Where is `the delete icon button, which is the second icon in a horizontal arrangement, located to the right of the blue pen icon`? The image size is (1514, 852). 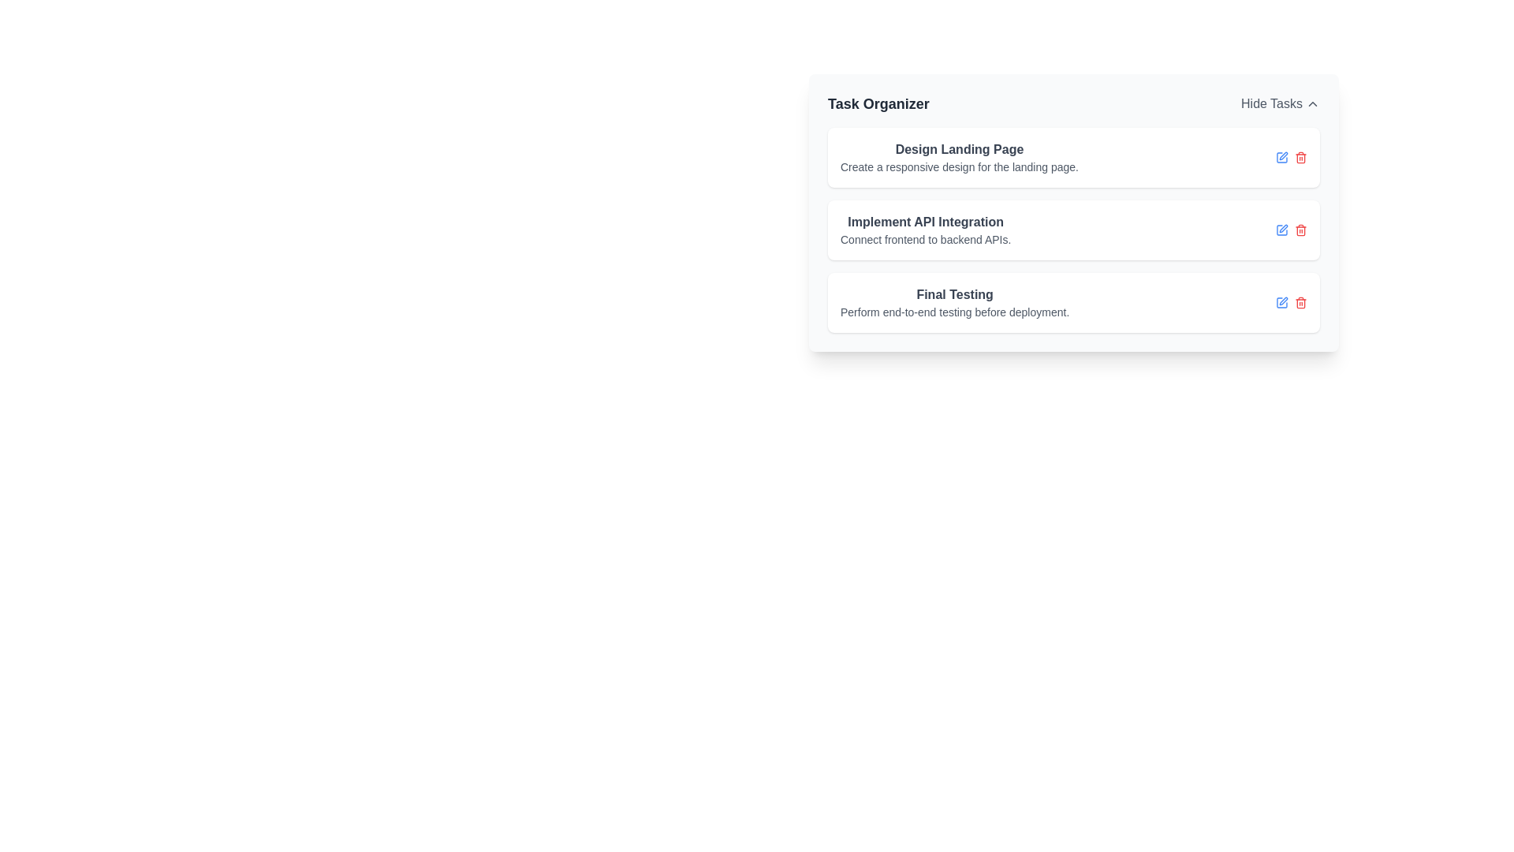 the delete icon button, which is the second icon in a horizontal arrangement, located to the right of the blue pen icon is located at coordinates (1301, 230).